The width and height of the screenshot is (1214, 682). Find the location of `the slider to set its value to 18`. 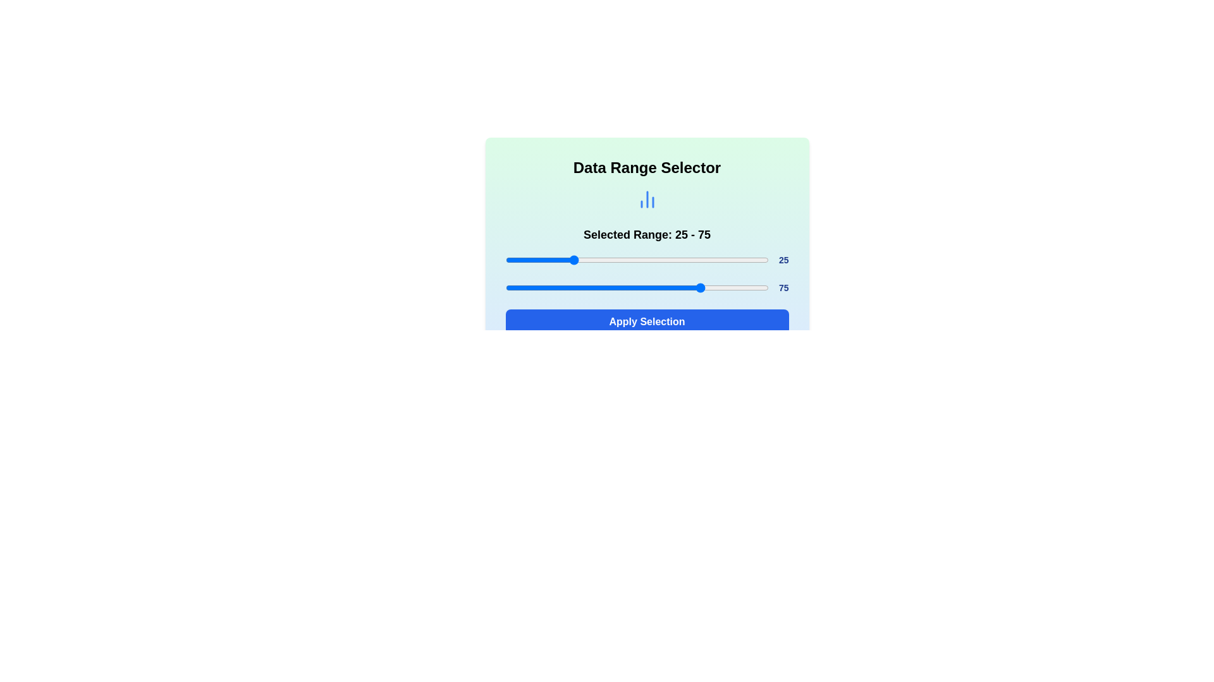

the slider to set its value to 18 is located at coordinates (553, 260).